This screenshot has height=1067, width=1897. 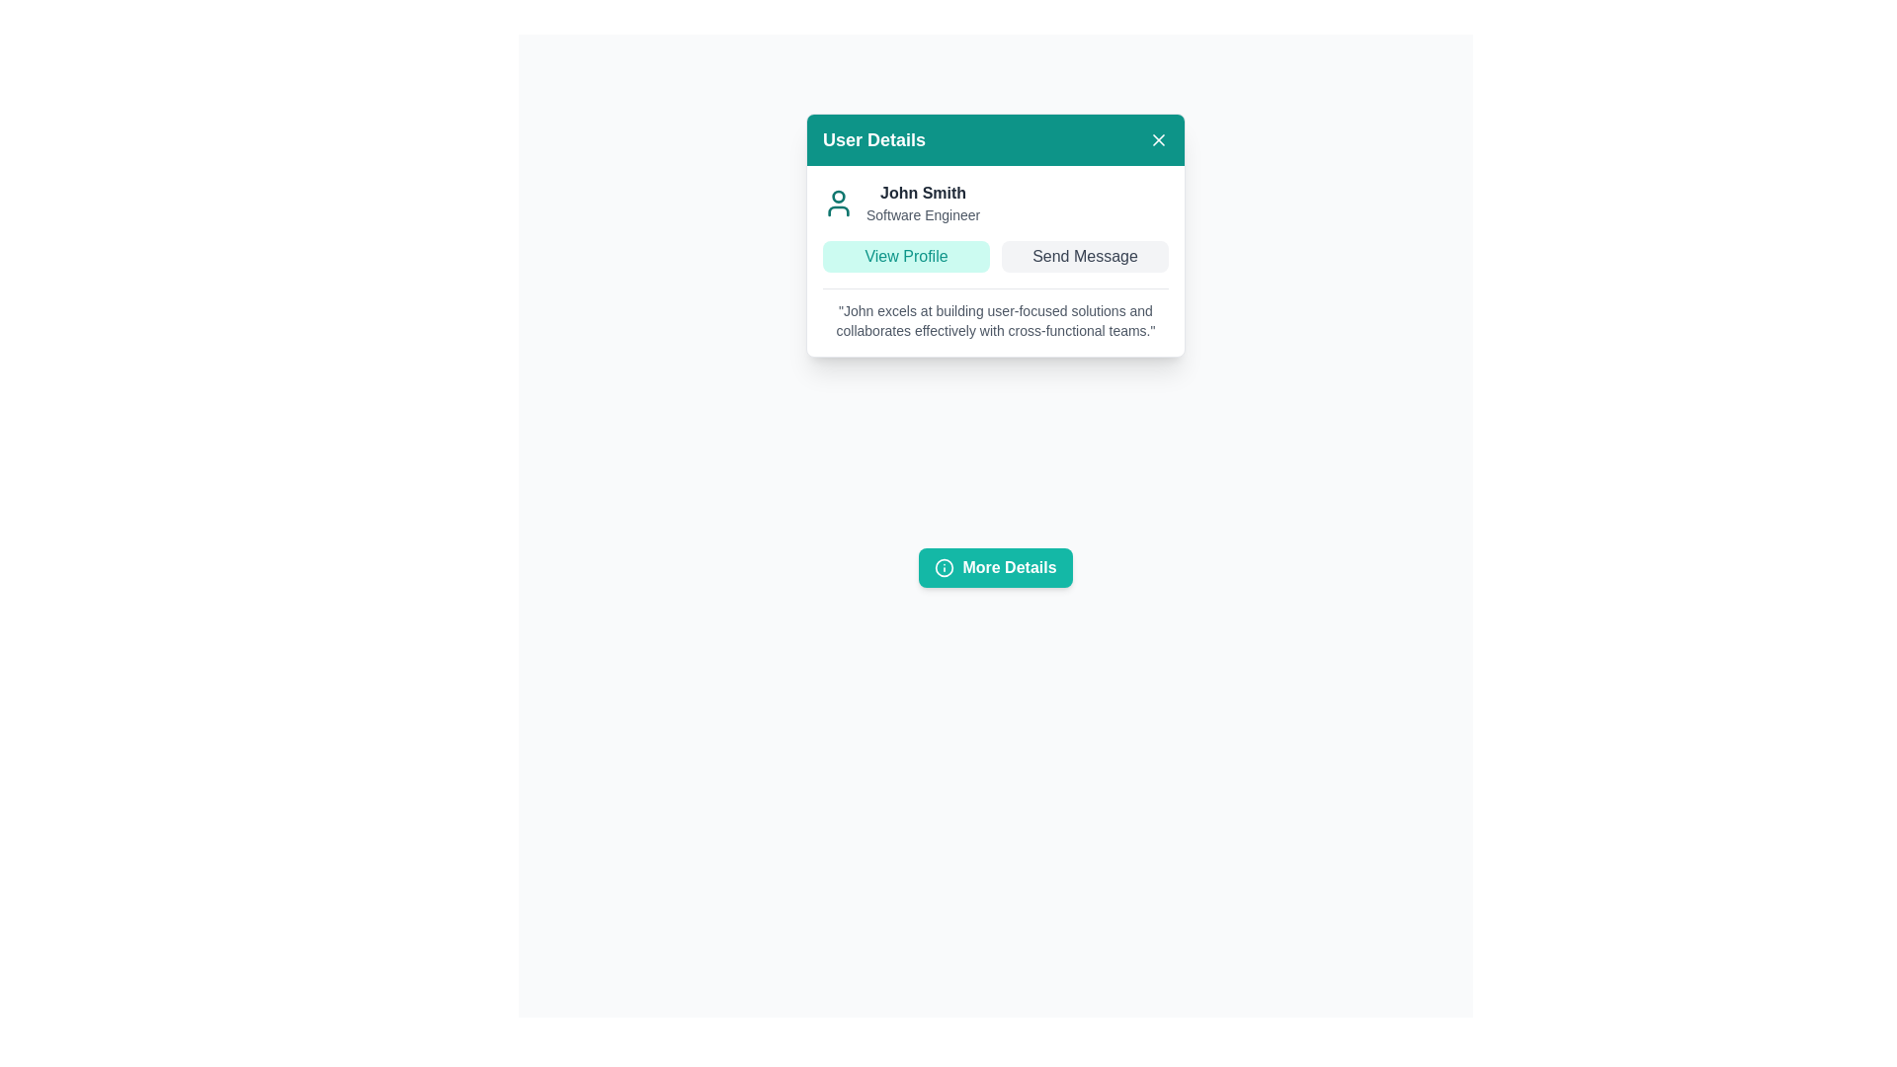 I want to click on the text block displaying the name and professional title of the user in the 'User Details' card, located at the top-center beside the user profile icon, so click(x=922, y=203).